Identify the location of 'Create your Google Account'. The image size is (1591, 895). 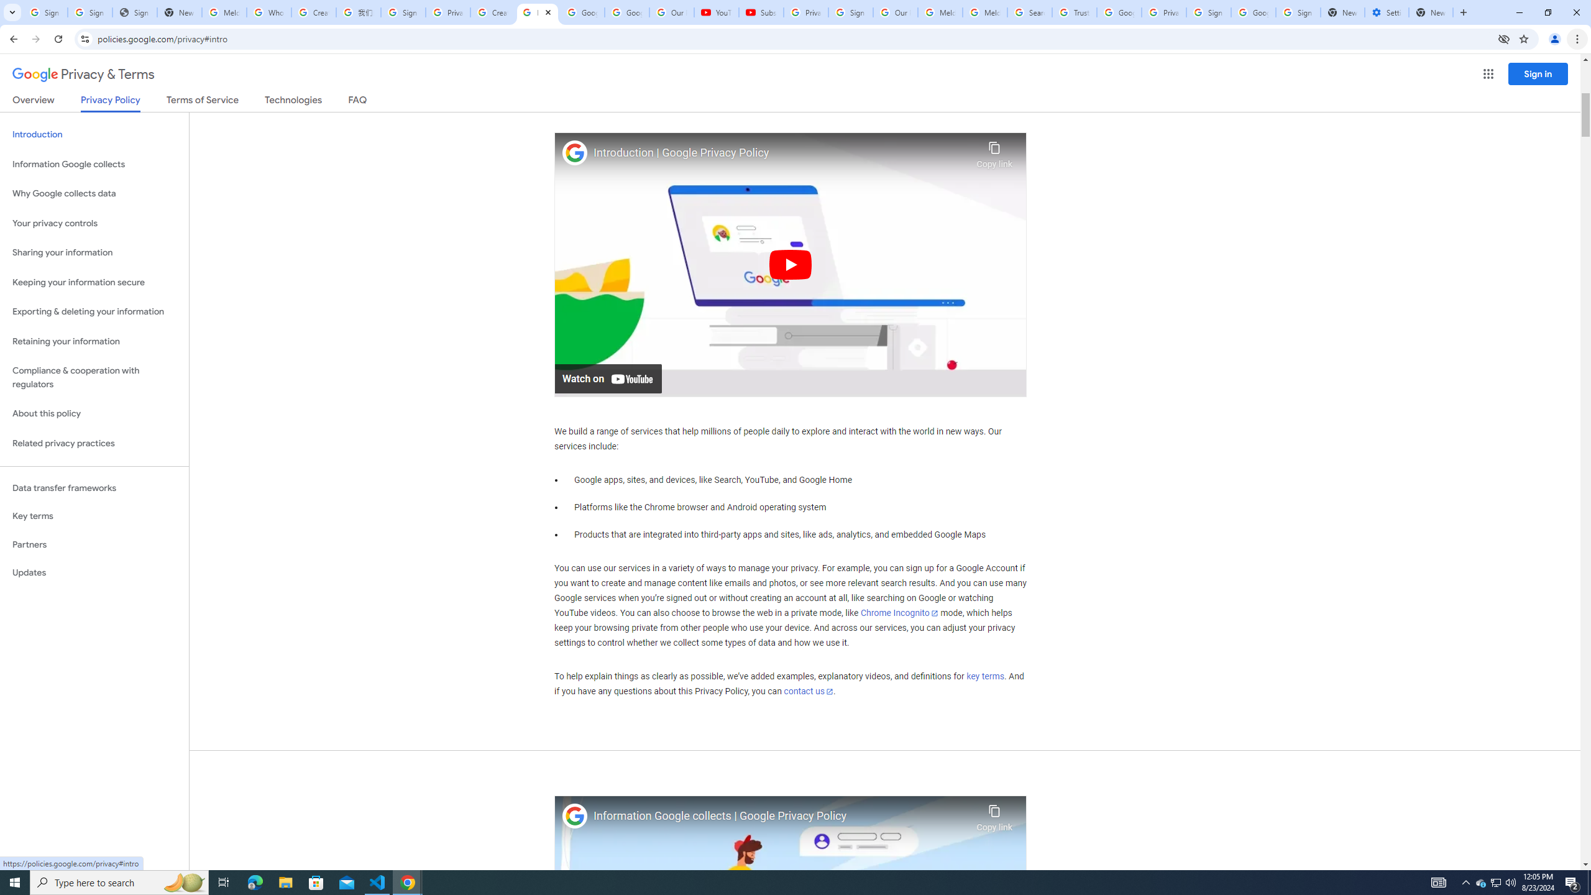
(492, 12).